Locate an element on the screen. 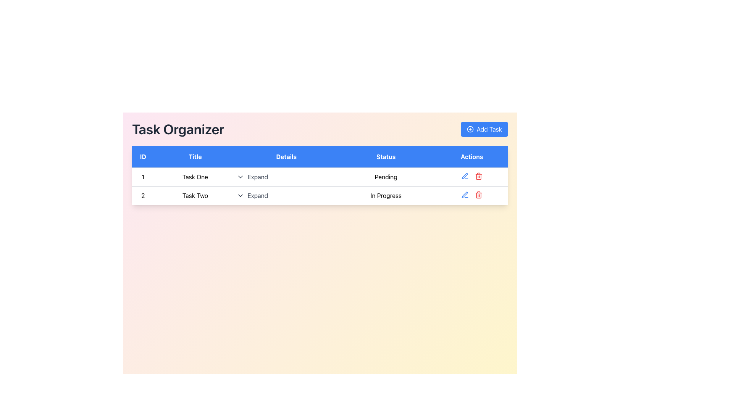 This screenshot has width=733, height=412. the 'Add Task' button, which is a rectangular button with rounded corners, displaying white text on a blue background and a plus icon to the left is located at coordinates (483, 129).